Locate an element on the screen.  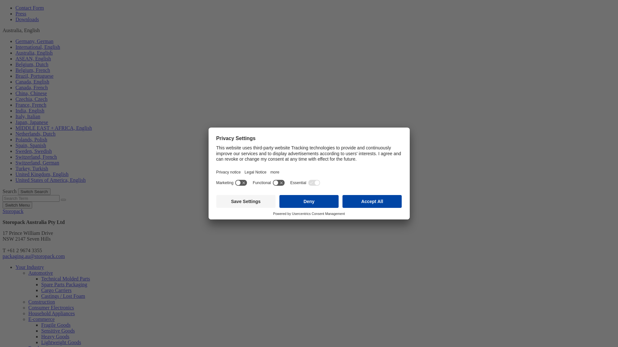
'Cargo Carriers' is located at coordinates (56, 290).